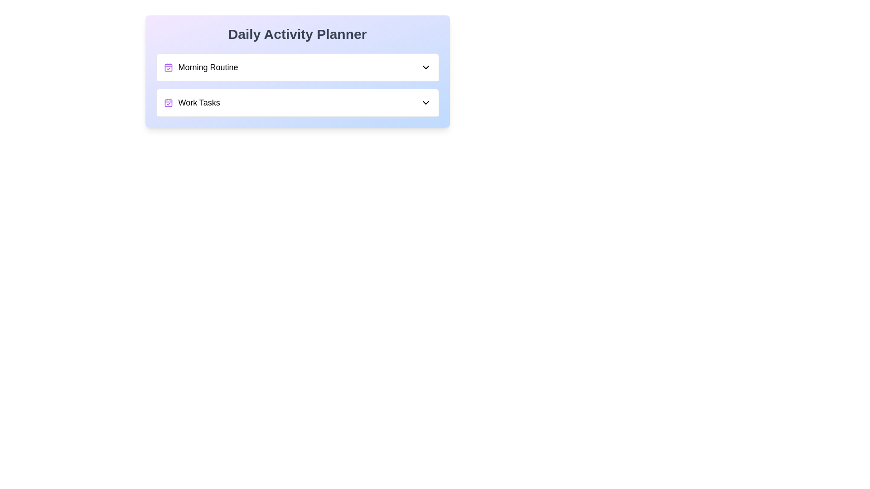 This screenshot has height=489, width=870. What do you see at coordinates (168, 102) in the screenshot?
I see `the icon associated with Work Tasks to toggle its visibility` at bounding box center [168, 102].